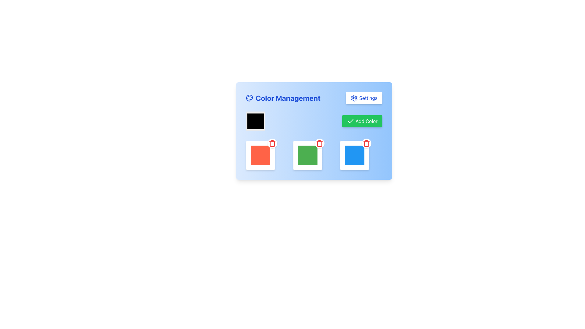 The height and width of the screenshot is (329, 585). I want to click on the gear icon, which is a settings symbol located at the top-right corner of the 'Color Management' card, so click(354, 97).